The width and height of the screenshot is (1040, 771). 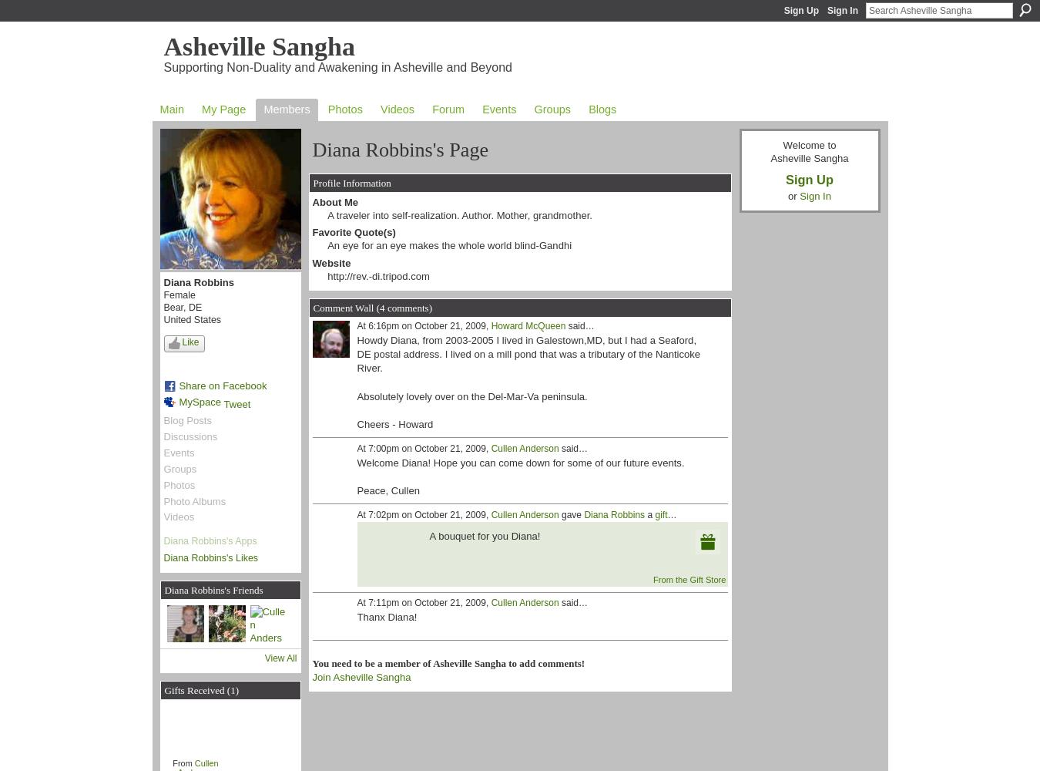 What do you see at coordinates (689, 580) in the screenshot?
I see `'From the Gift Store'` at bounding box center [689, 580].